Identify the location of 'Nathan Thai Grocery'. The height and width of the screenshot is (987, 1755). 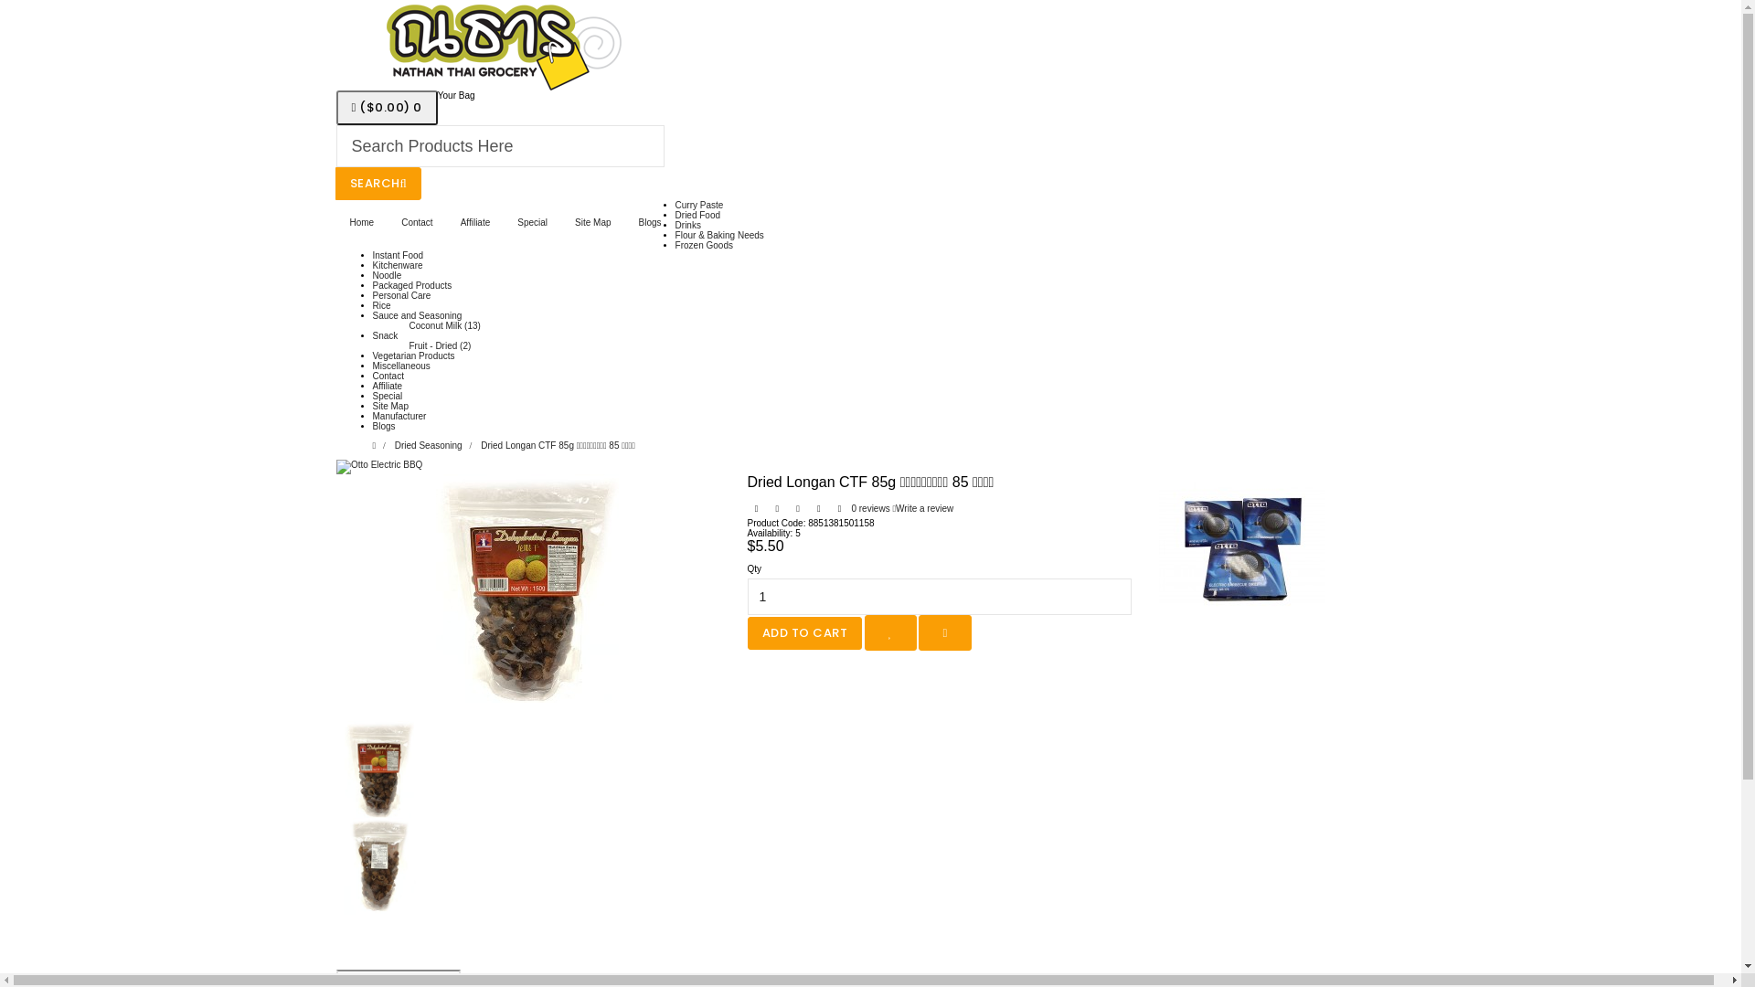
(495, 44).